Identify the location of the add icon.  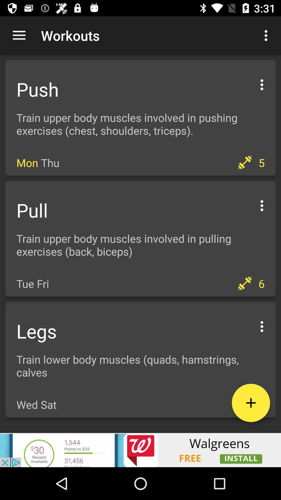
(251, 403).